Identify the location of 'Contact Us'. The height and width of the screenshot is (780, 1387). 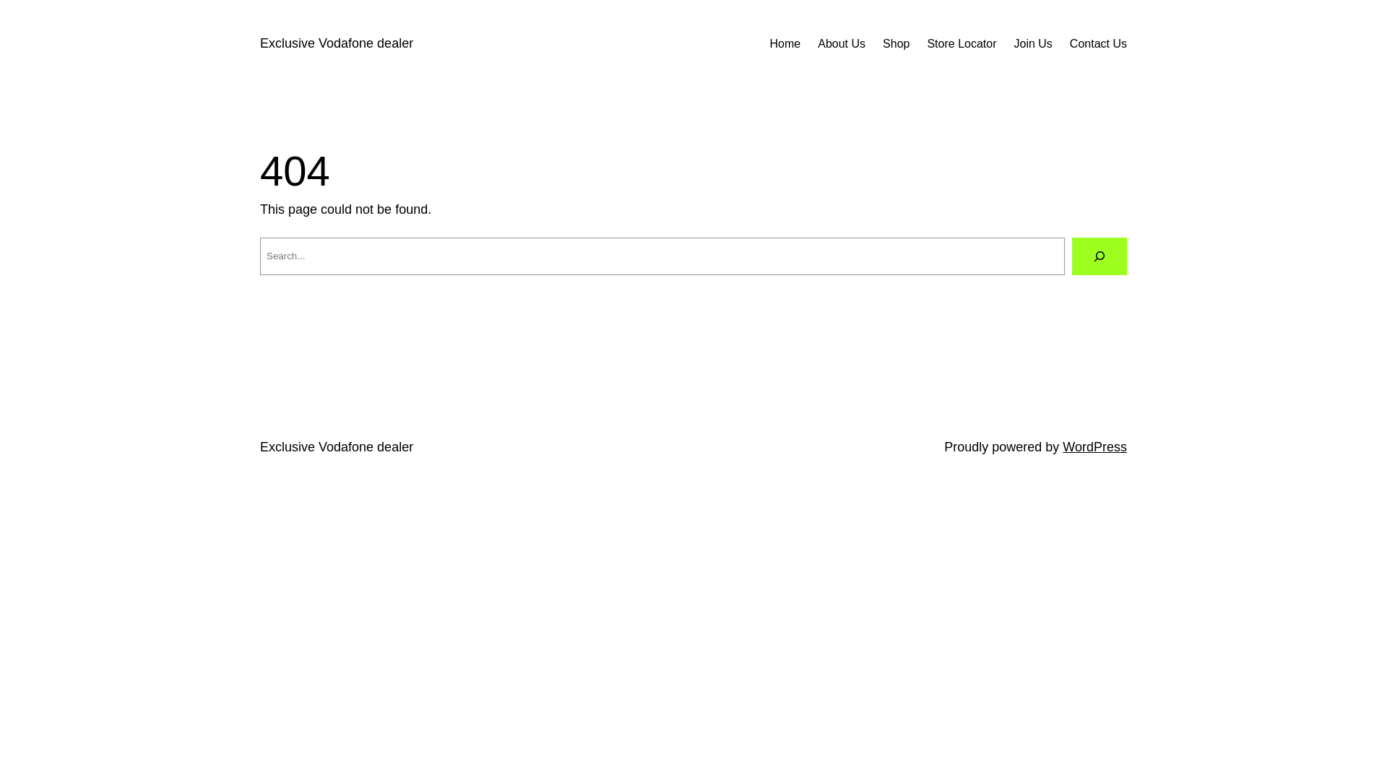
(1098, 43).